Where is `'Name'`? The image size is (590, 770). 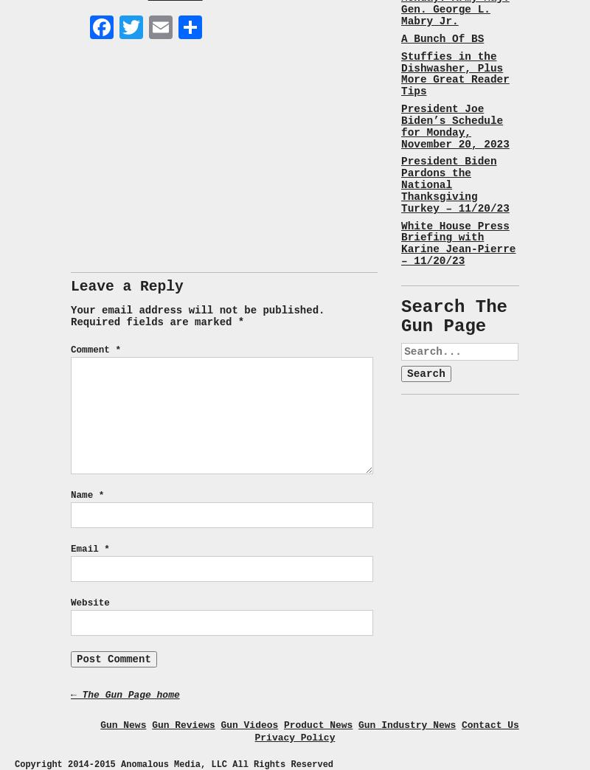
'Name' is located at coordinates (83, 495).